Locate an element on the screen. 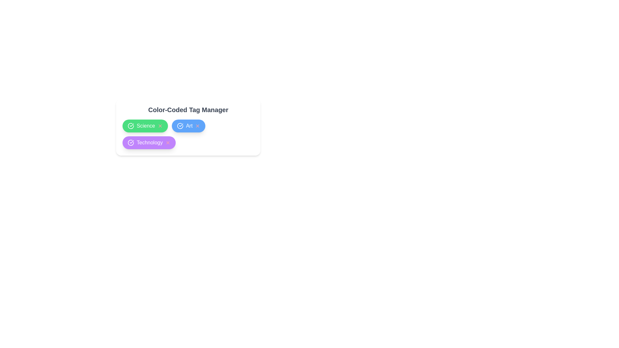  remove button (X) for the tag Art is located at coordinates (197, 126).